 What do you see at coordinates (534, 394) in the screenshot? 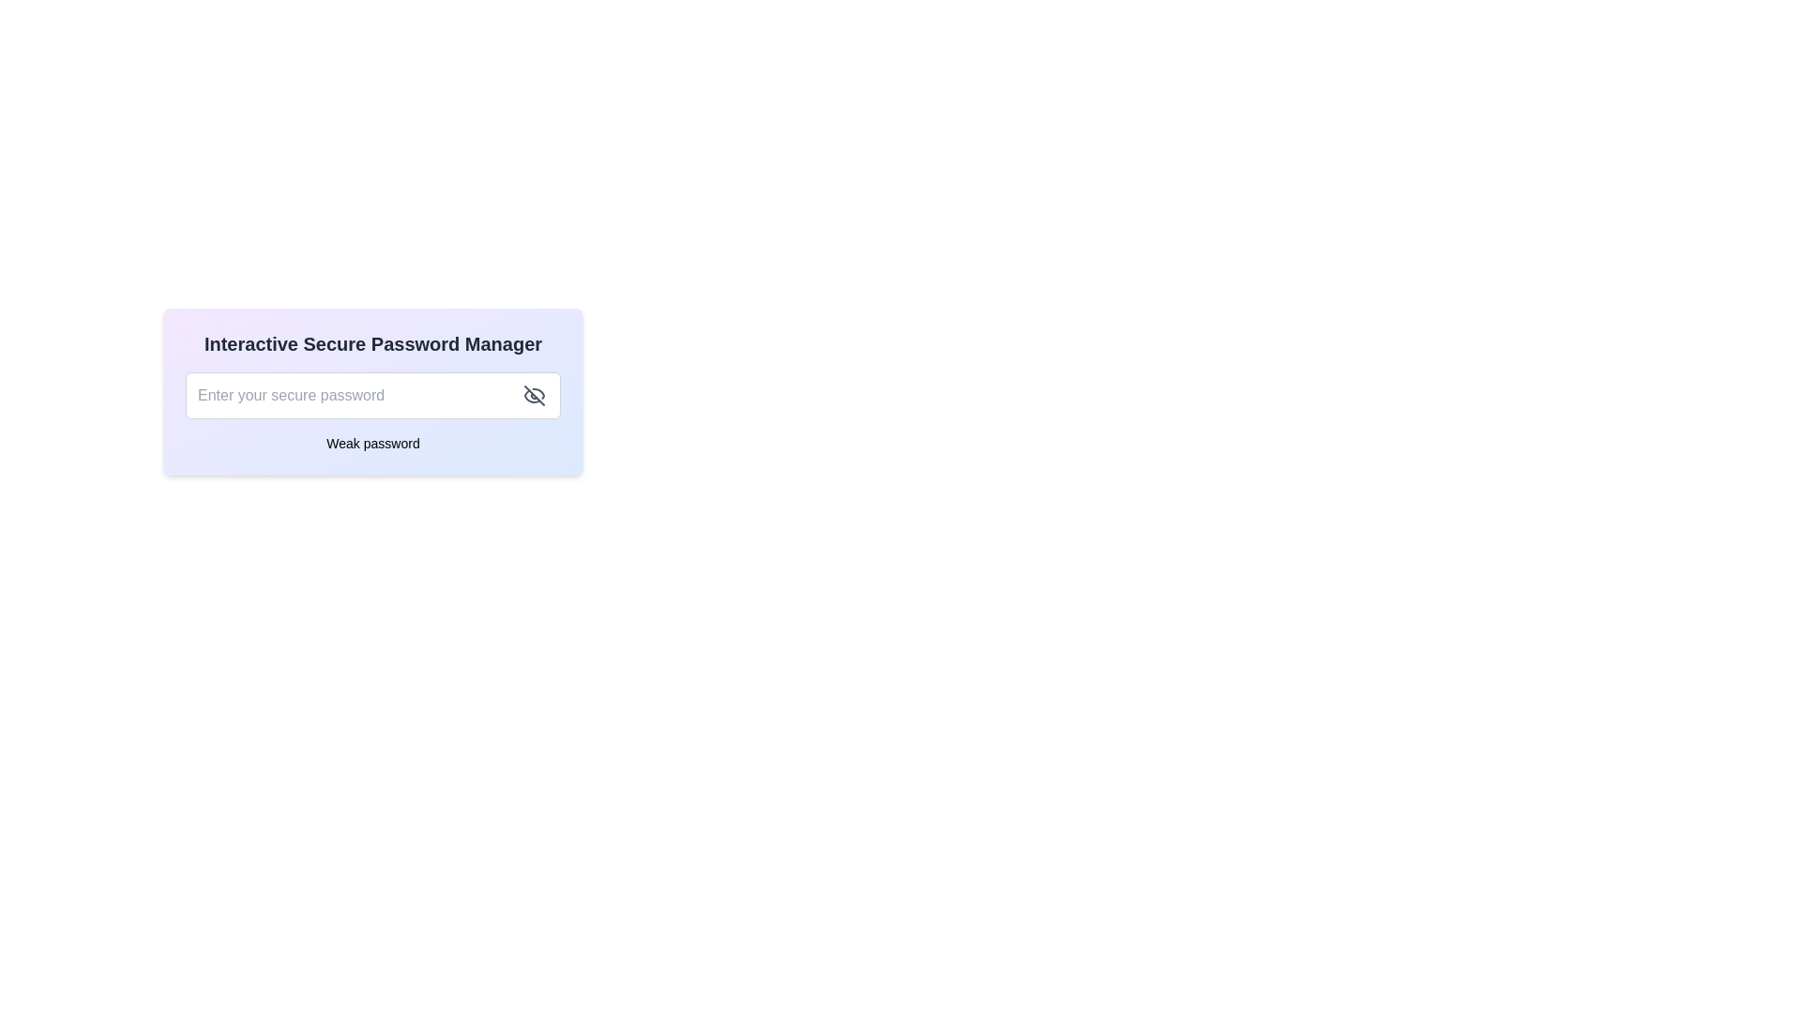
I see `the toggle password visibility button located on the right side of the input field in the 'Interactive Secure Password Manager' component to switch between showing and hiding the entered text` at bounding box center [534, 394].